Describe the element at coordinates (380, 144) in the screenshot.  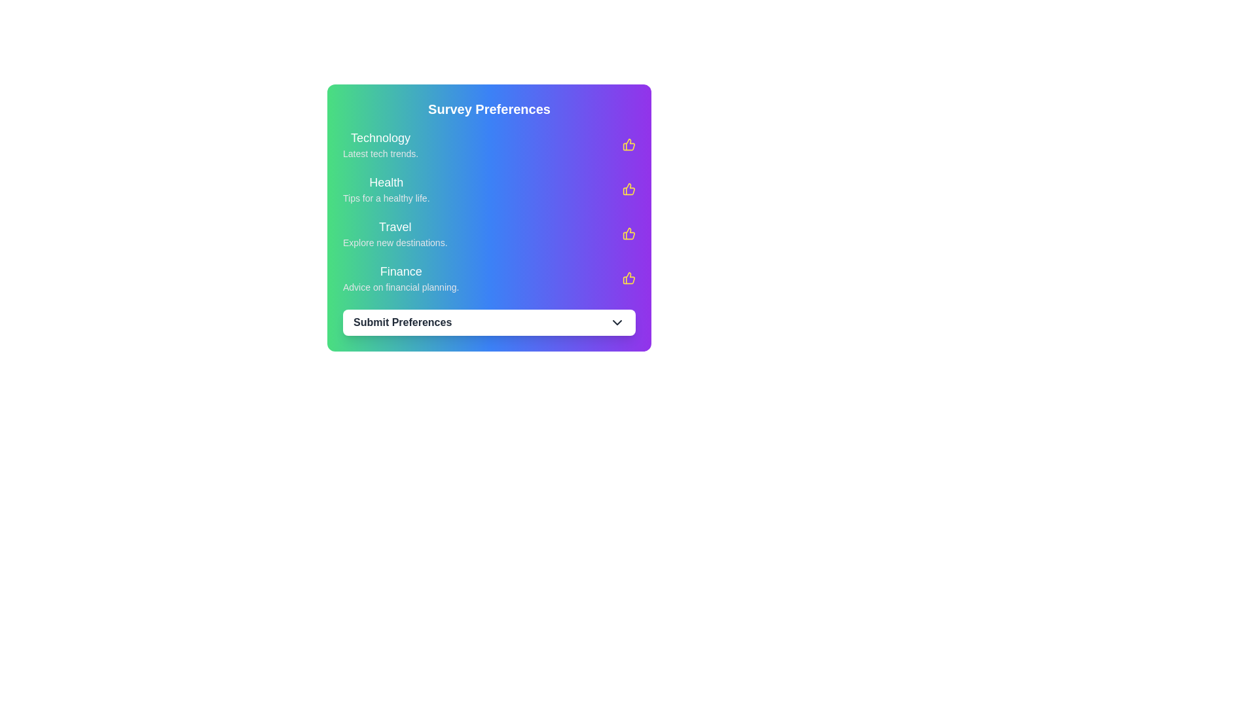
I see `information from the text block labeled 'Technology' with the subtitle 'Latest tech trends' located at the top of the 'Survey Preferences' section` at that location.